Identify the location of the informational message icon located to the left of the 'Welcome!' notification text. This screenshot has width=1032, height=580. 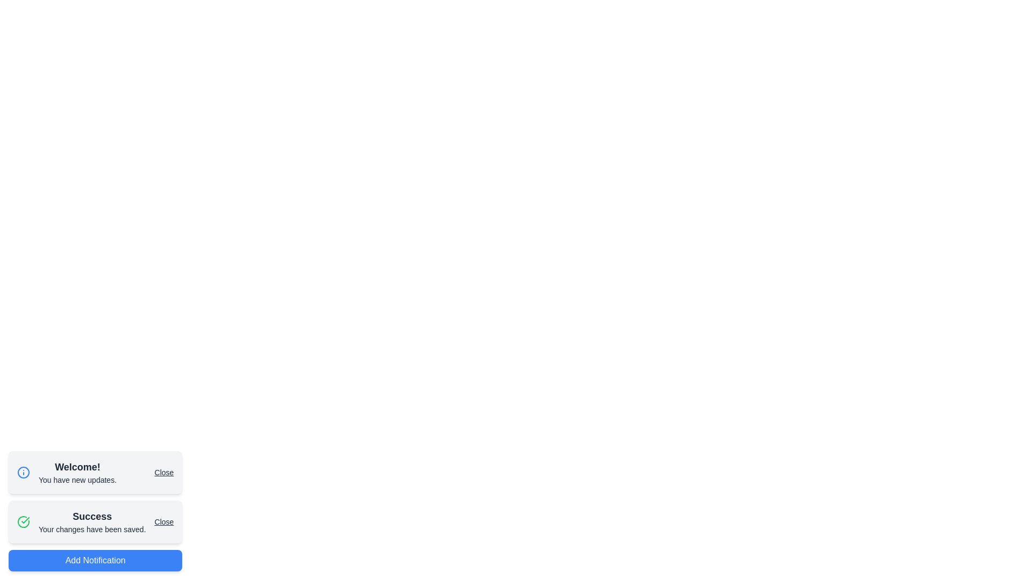
(23, 472).